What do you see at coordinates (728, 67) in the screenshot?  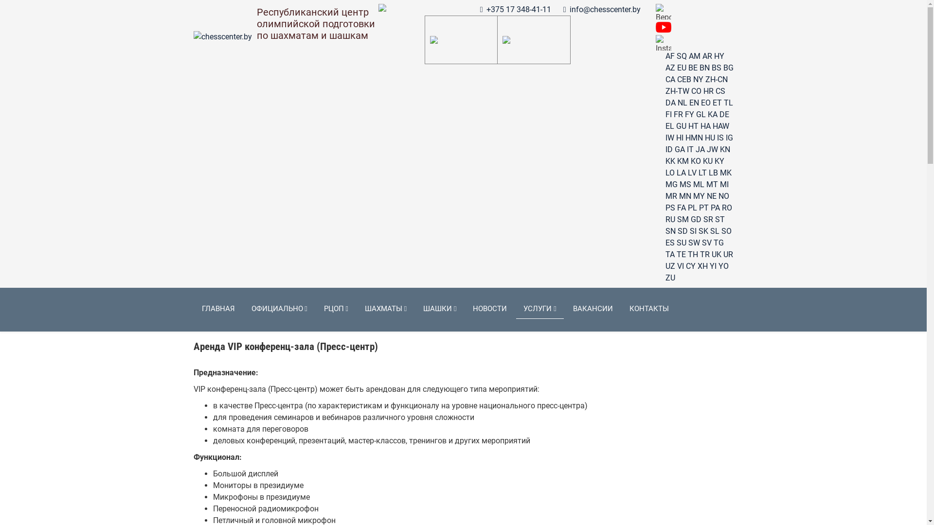 I see `'BG'` at bounding box center [728, 67].